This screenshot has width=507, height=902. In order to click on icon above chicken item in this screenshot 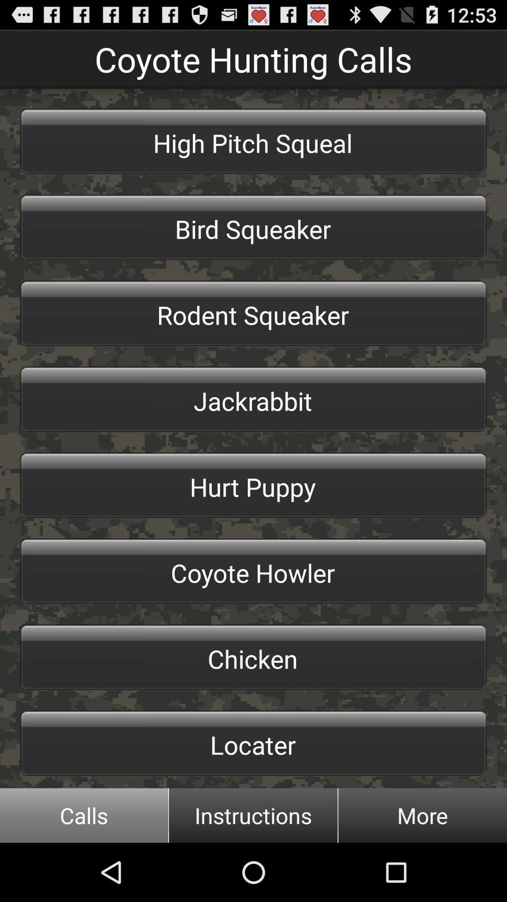, I will do `click(253, 571)`.